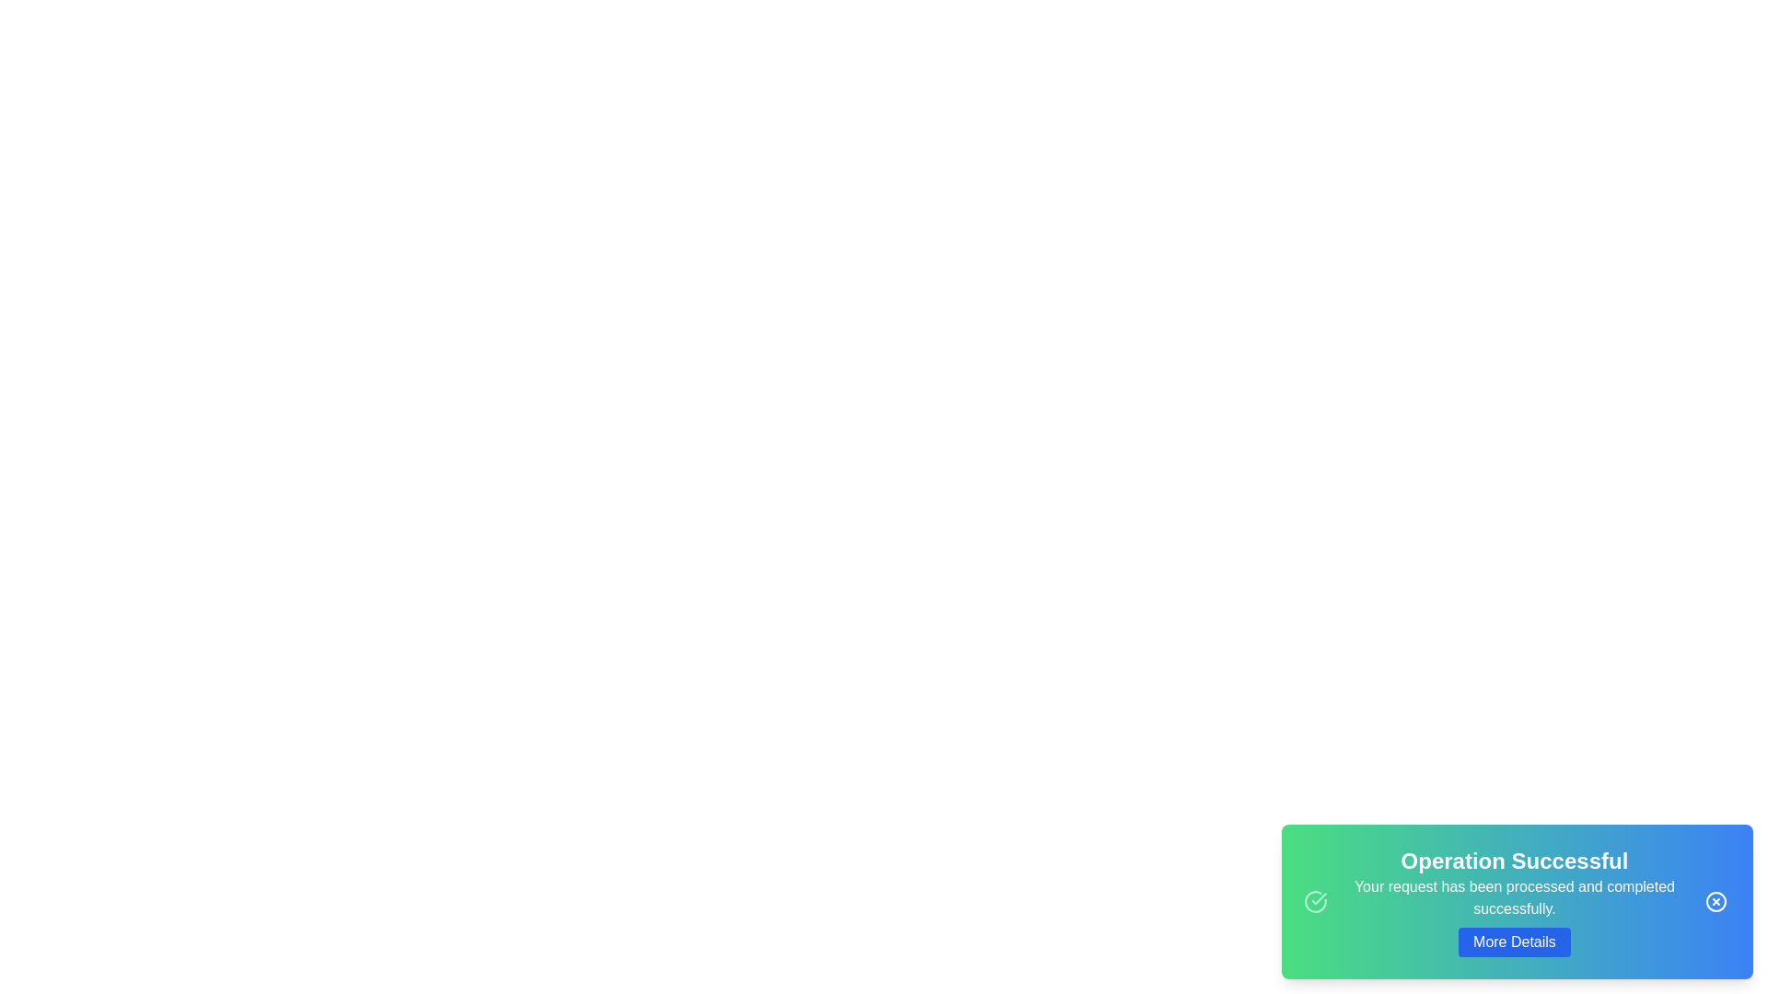 Image resolution: width=1768 pixels, height=994 pixels. I want to click on the 'More Details' button to view additional information, so click(1514, 942).